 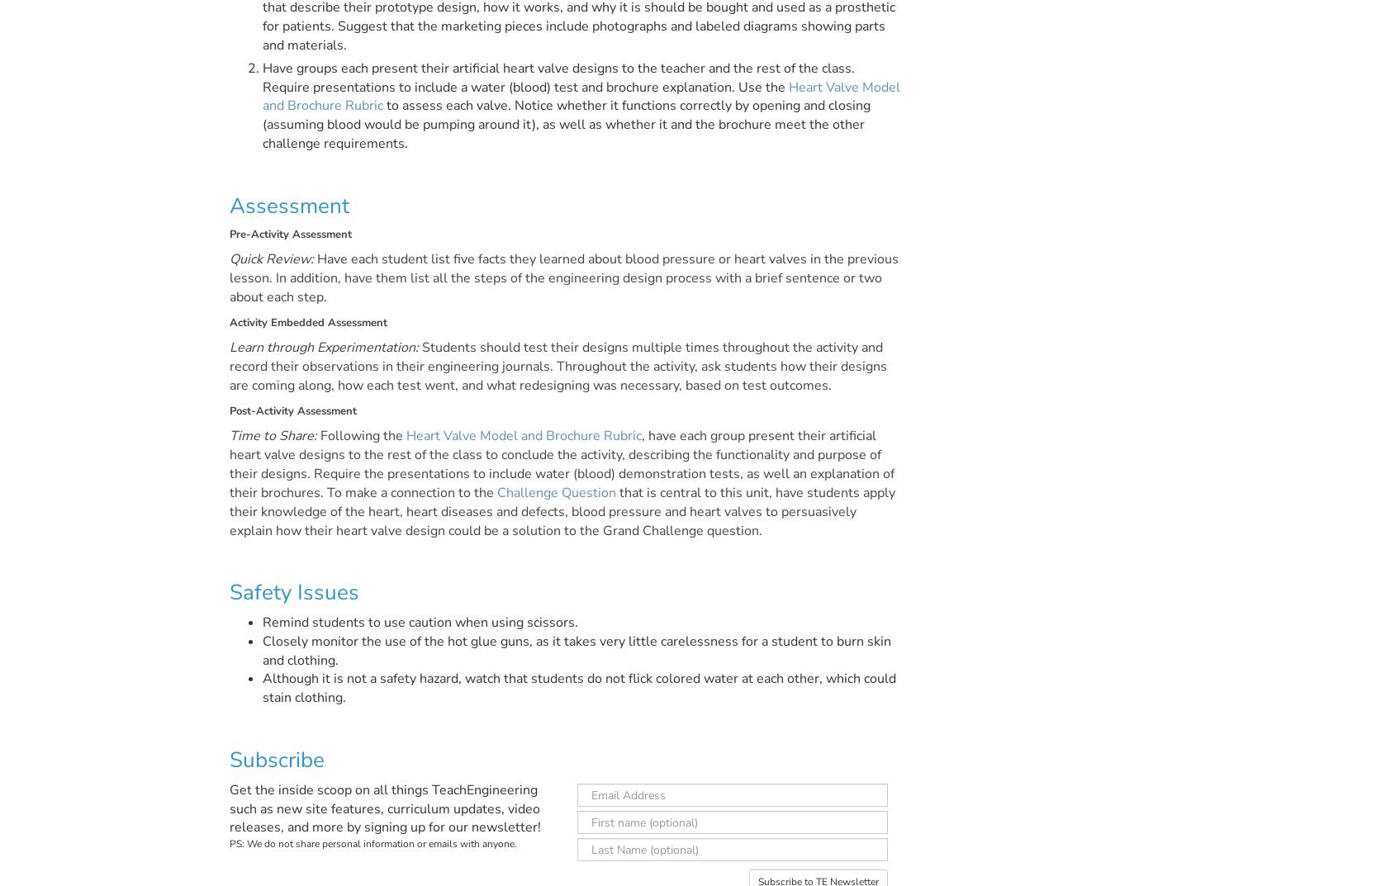 I want to click on 'Challenge Question', so click(x=556, y=492).